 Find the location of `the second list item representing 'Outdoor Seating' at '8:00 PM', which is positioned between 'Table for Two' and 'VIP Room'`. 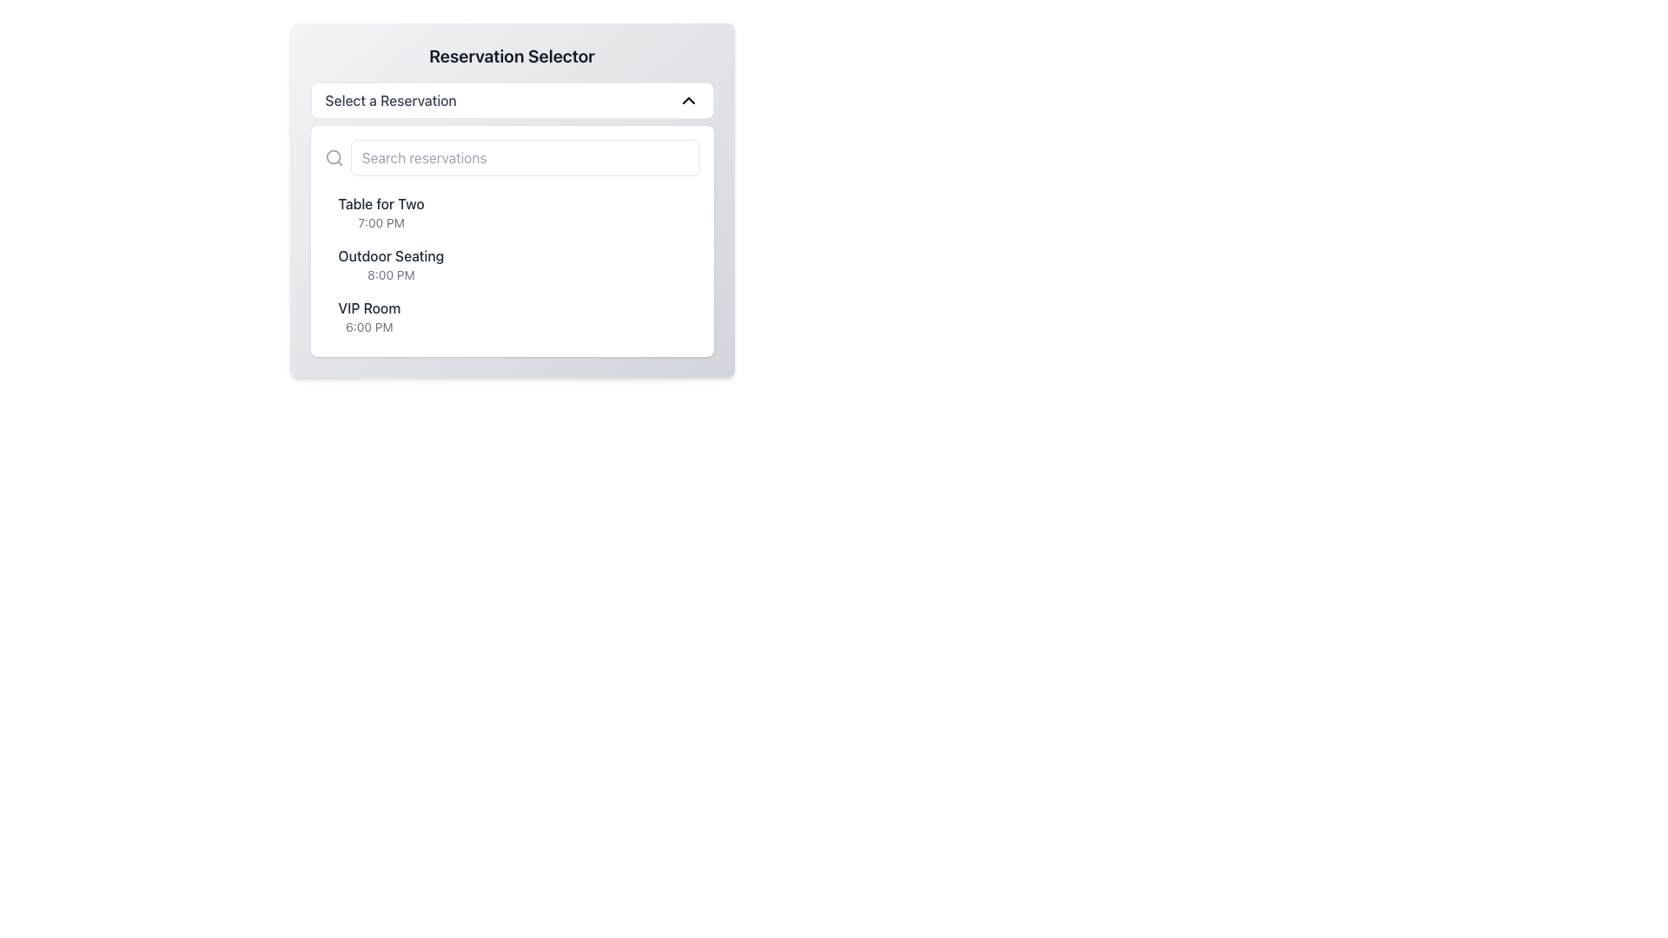

the second list item representing 'Outdoor Seating' at '8:00 PM', which is positioned between 'Table for Two' and 'VIP Room' is located at coordinates (511, 264).